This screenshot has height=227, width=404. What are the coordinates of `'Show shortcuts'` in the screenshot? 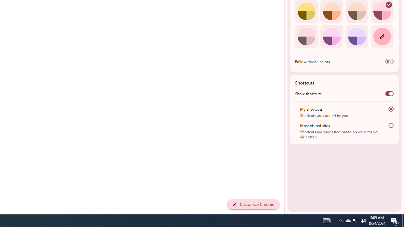 It's located at (389, 94).